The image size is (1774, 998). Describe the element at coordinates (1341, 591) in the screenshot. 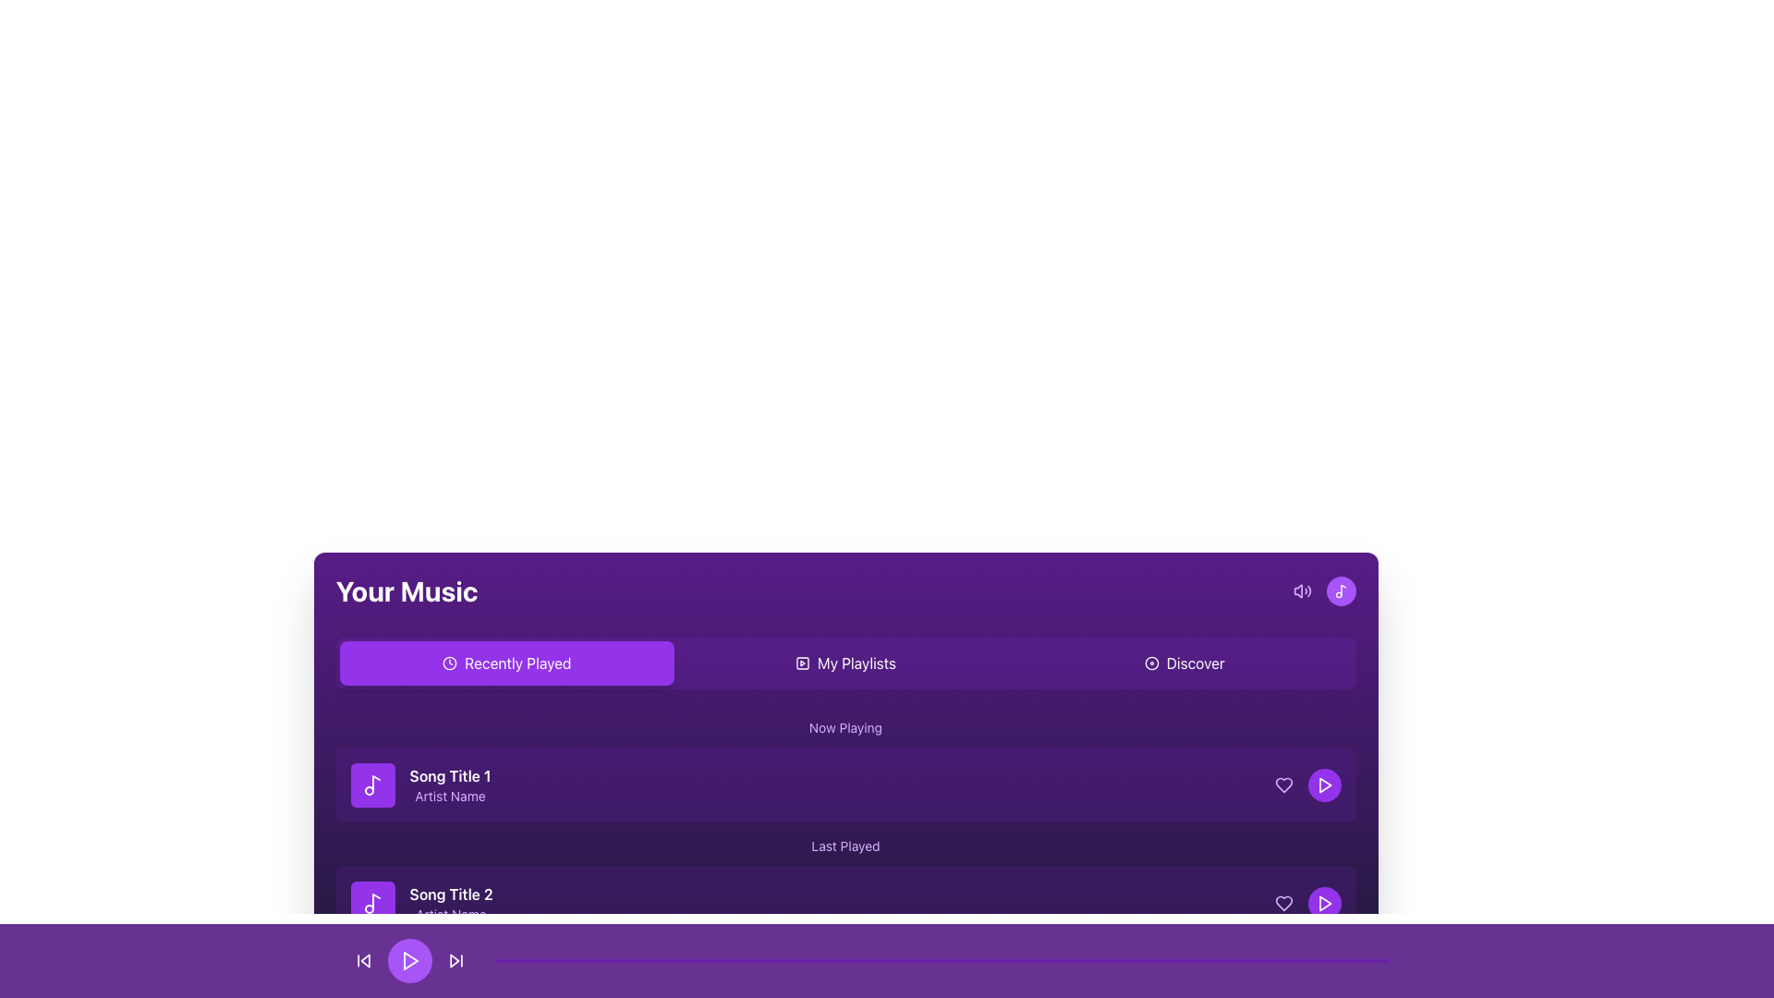

I see `the circular button with a purple background and a white music note icon located in the top-right corner of the interface` at that location.